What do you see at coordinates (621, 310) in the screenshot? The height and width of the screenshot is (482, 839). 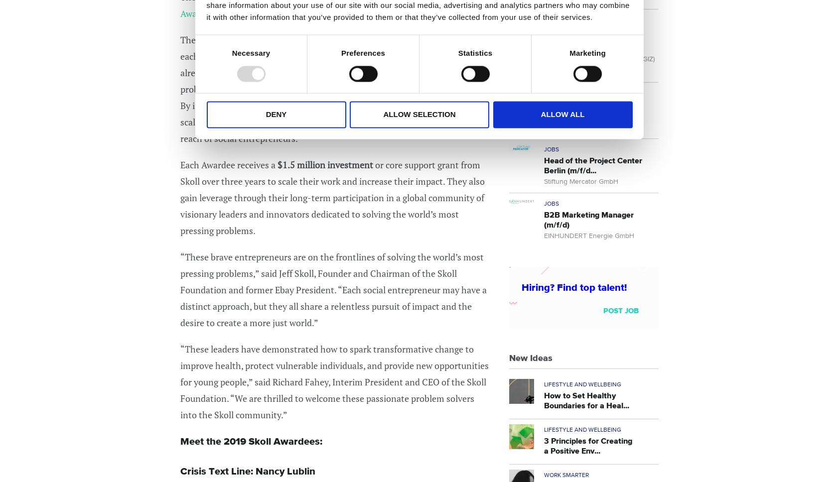 I see `'Post Job'` at bounding box center [621, 310].